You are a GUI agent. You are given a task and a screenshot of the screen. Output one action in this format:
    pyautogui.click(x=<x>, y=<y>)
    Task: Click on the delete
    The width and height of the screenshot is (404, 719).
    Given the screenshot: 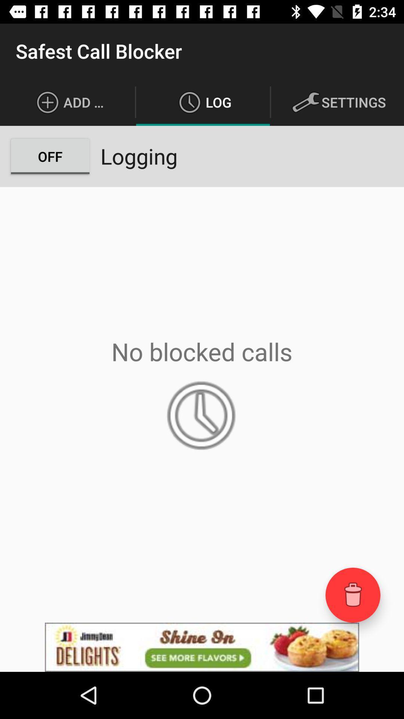 What is the action you would take?
    pyautogui.click(x=353, y=595)
    